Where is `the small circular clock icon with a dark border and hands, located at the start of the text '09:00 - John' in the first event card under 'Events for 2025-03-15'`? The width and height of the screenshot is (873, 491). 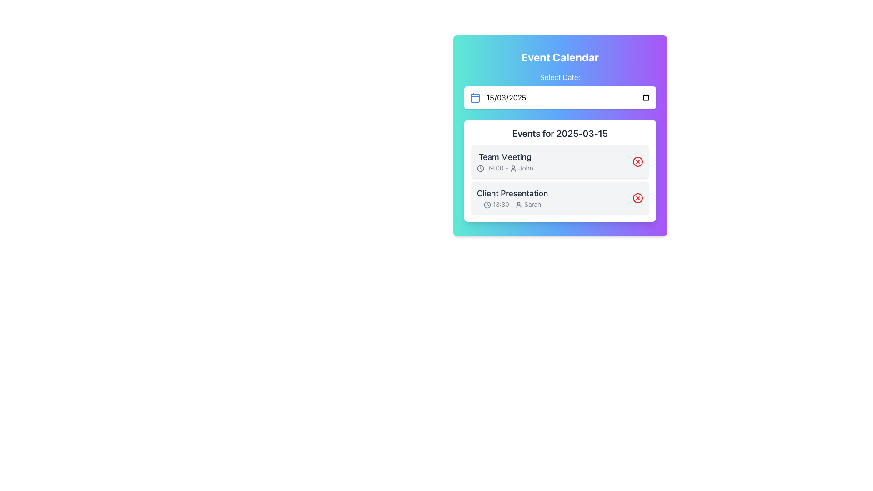
the small circular clock icon with a dark border and hands, located at the start of the text '09:00 - John' in the first event card under 'Events for 2025-03-15' is located at coordinates (480, 168).